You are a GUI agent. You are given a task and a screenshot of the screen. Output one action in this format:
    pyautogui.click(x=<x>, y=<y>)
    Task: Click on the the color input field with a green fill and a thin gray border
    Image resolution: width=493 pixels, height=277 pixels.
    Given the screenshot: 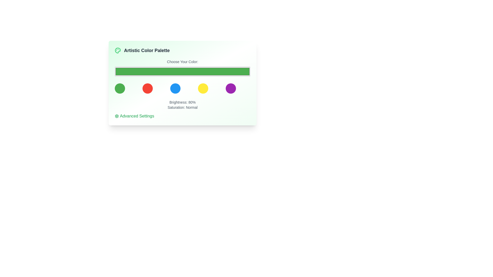 What is the action you would take?
    pyautogui.click(x=182, y=71)
    